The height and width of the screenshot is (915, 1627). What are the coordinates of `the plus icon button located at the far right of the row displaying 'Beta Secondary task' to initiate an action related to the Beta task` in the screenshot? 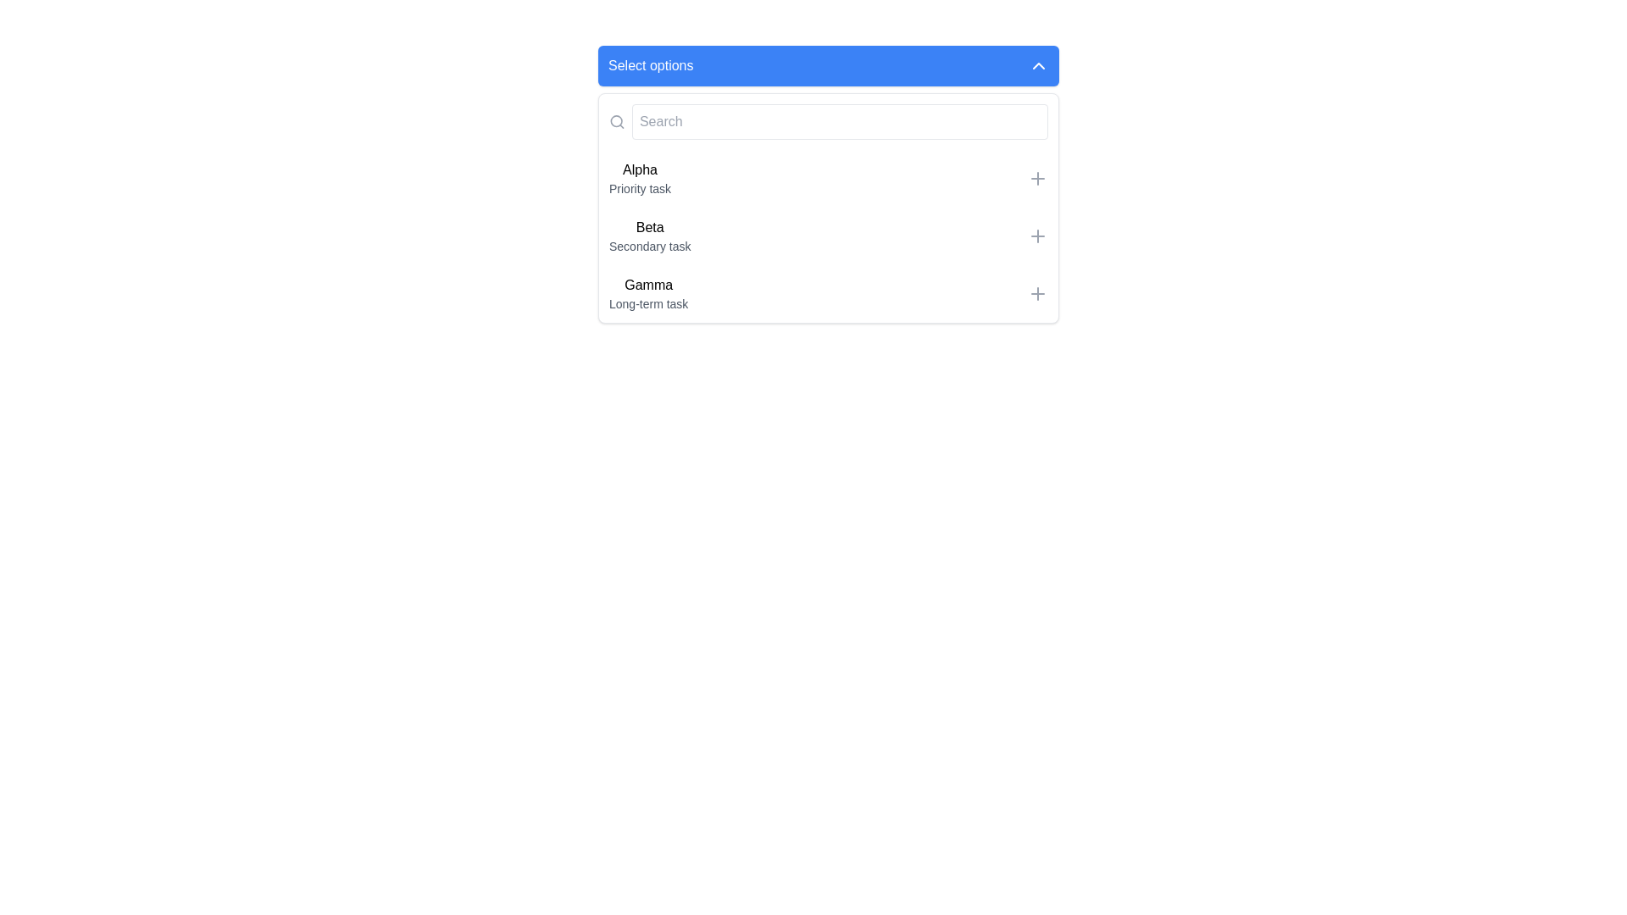 It's located at (1036, 236).